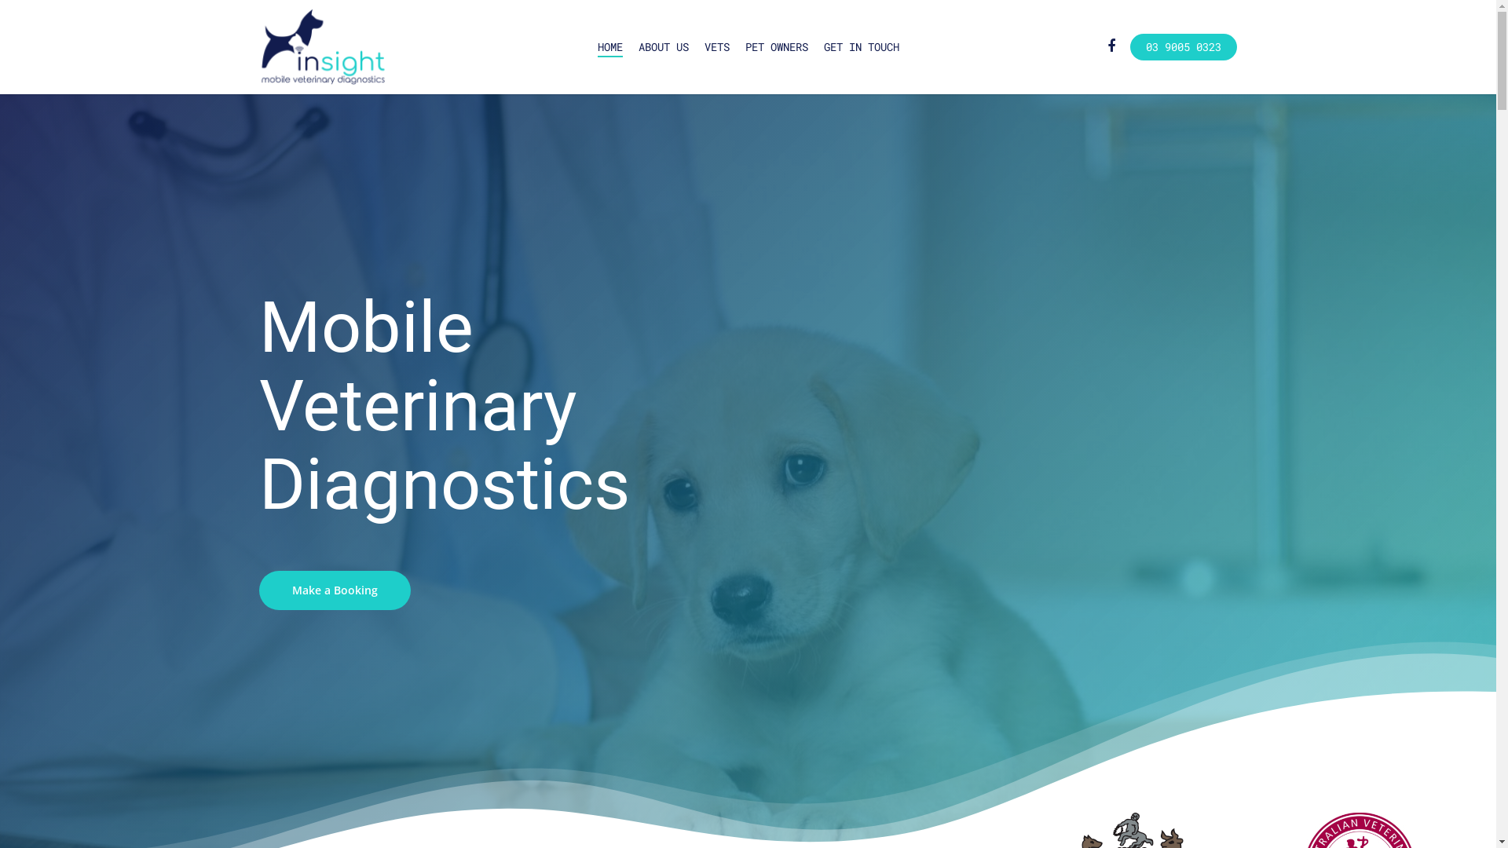 This screenshot has width=1508, height=848. I want to click on 'HOME', so click(609, 46).